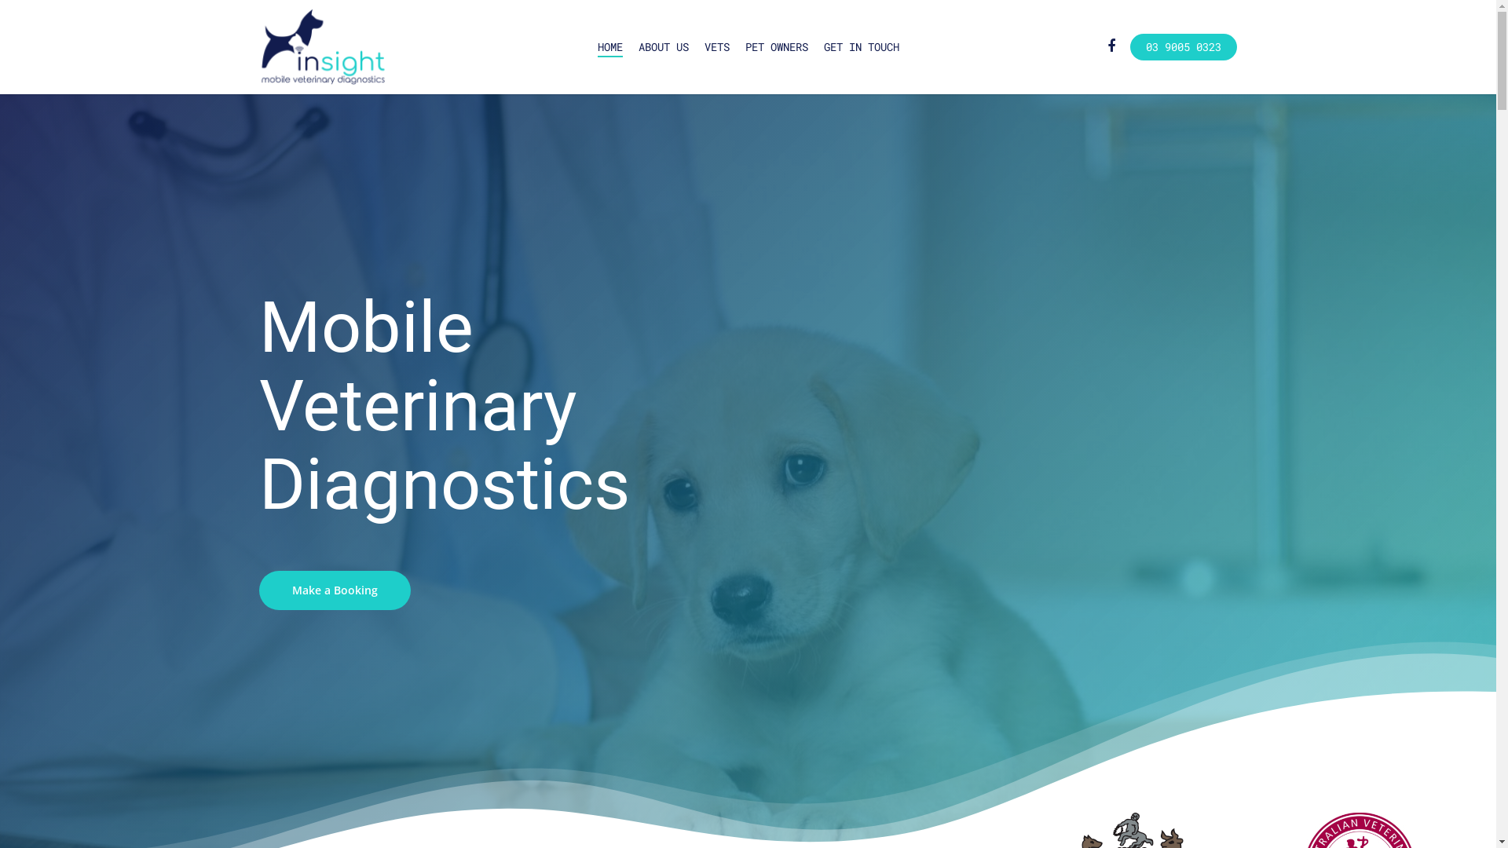 This screenshot has width=1508, height=848. I want to click on 'HOME', so click(609, 46).